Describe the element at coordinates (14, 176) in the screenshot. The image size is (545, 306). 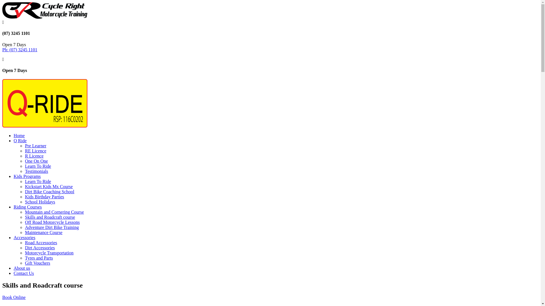
I see `'Kids Programs'` at that location.